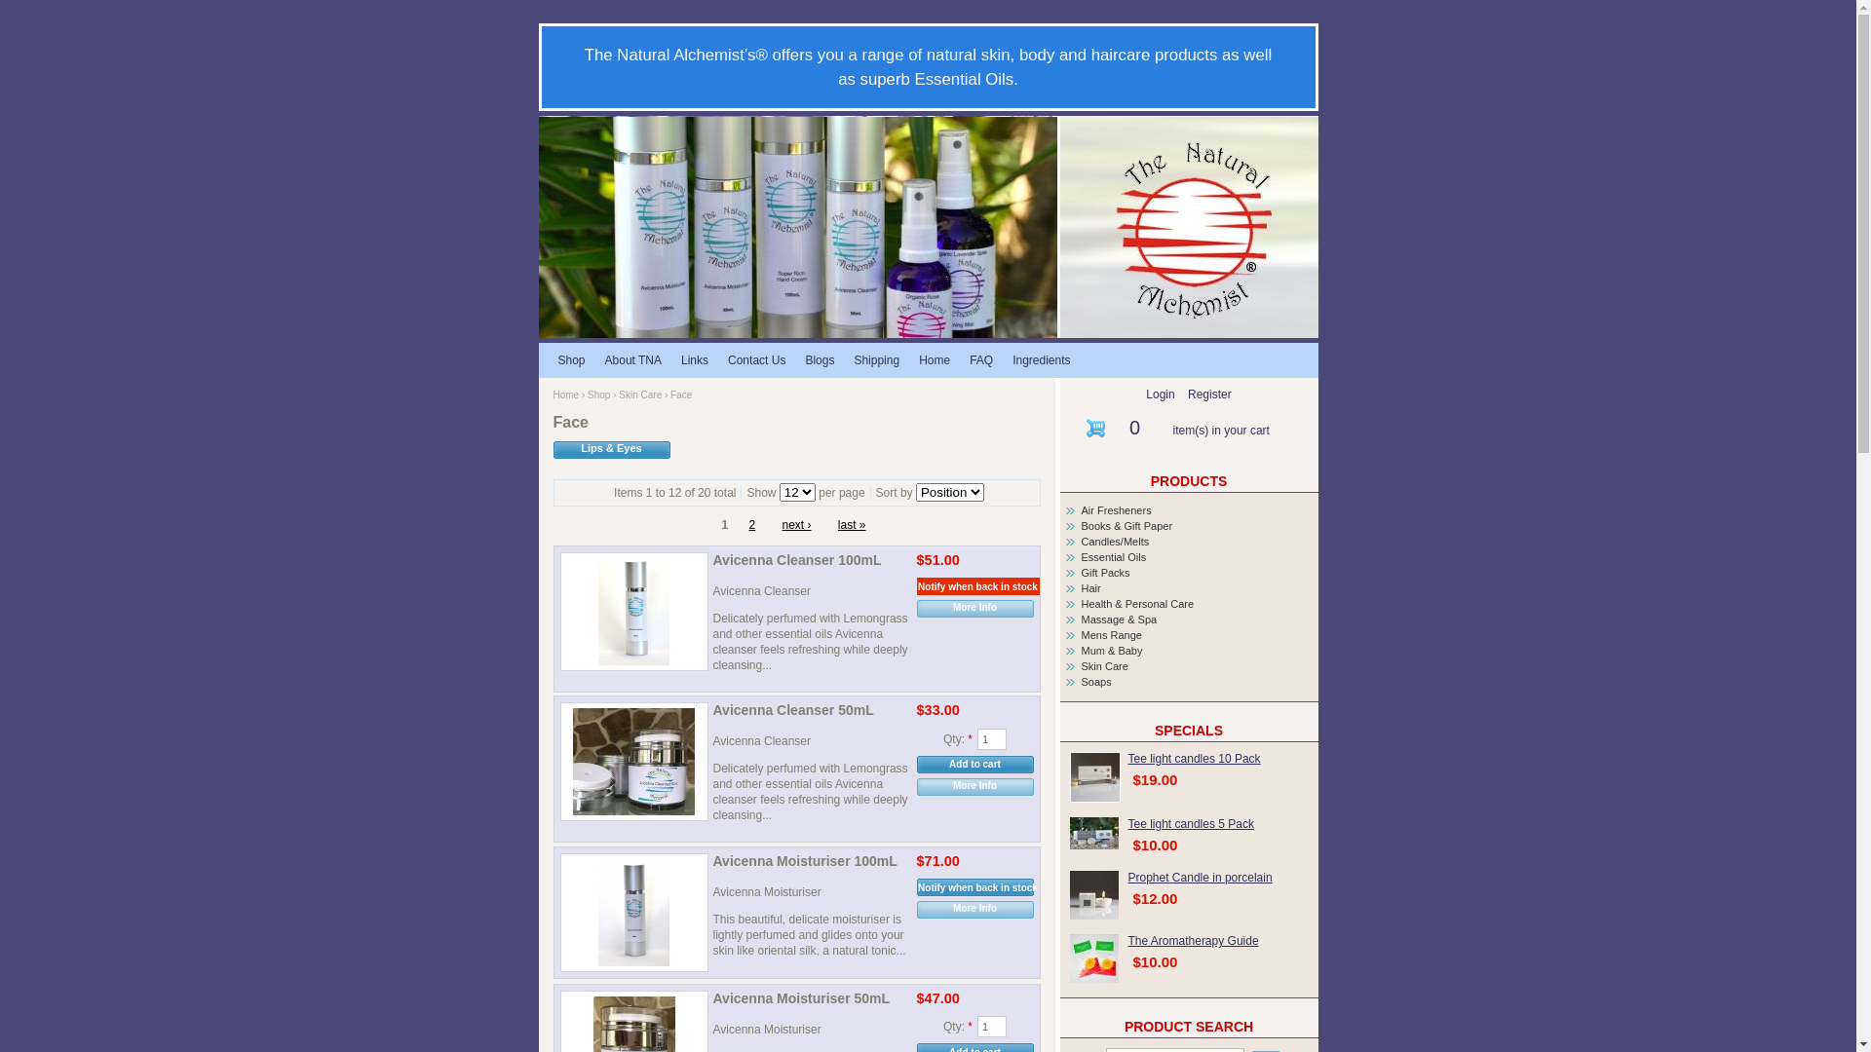  What do you see at coordinates (1220, 430) in the screenshot?
I see `'item(s) in your cart'` at bounding box center [1220, 430].